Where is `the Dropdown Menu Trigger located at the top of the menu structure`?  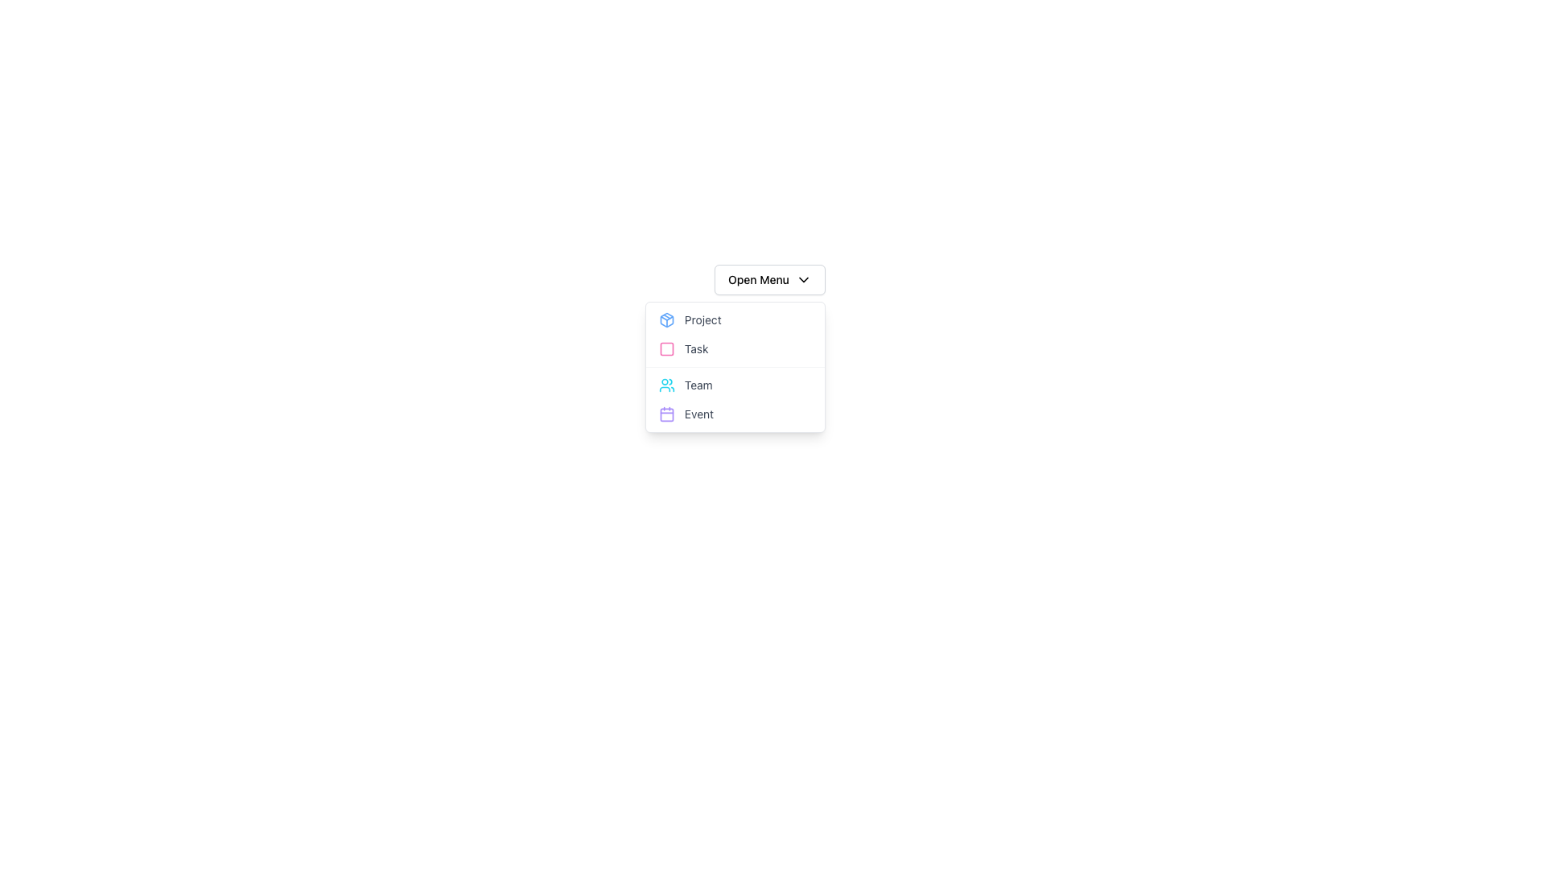 the Dropdown Menu Trigger located at the top of the menu structure is located at coordinates (768, 278).